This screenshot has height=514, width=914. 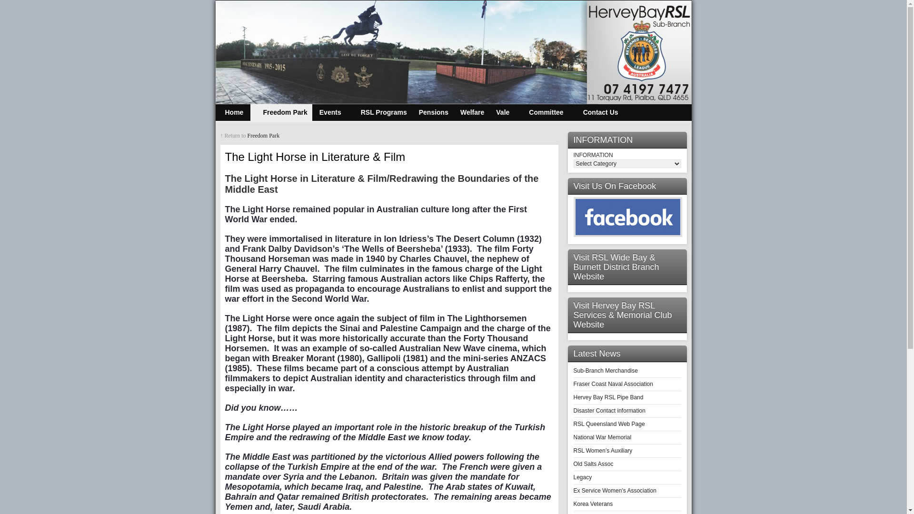 What do you see at coordinates (596, 112) in the screenshot?
I see `'Contact Us'` at bounding box center [596, 112].